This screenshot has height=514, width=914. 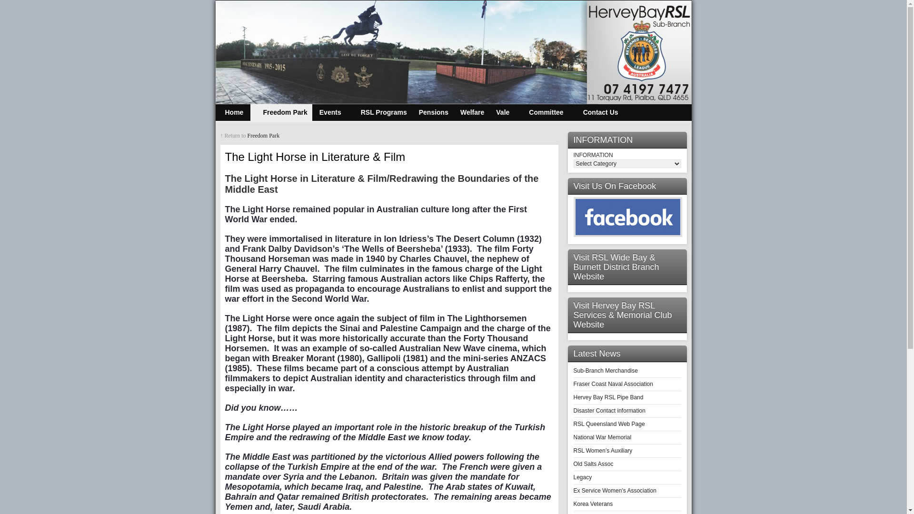 What do you see at coordinates (596, 112) in the screenshot?
I see `'Contact Us'` at bounding box center [596, 112].